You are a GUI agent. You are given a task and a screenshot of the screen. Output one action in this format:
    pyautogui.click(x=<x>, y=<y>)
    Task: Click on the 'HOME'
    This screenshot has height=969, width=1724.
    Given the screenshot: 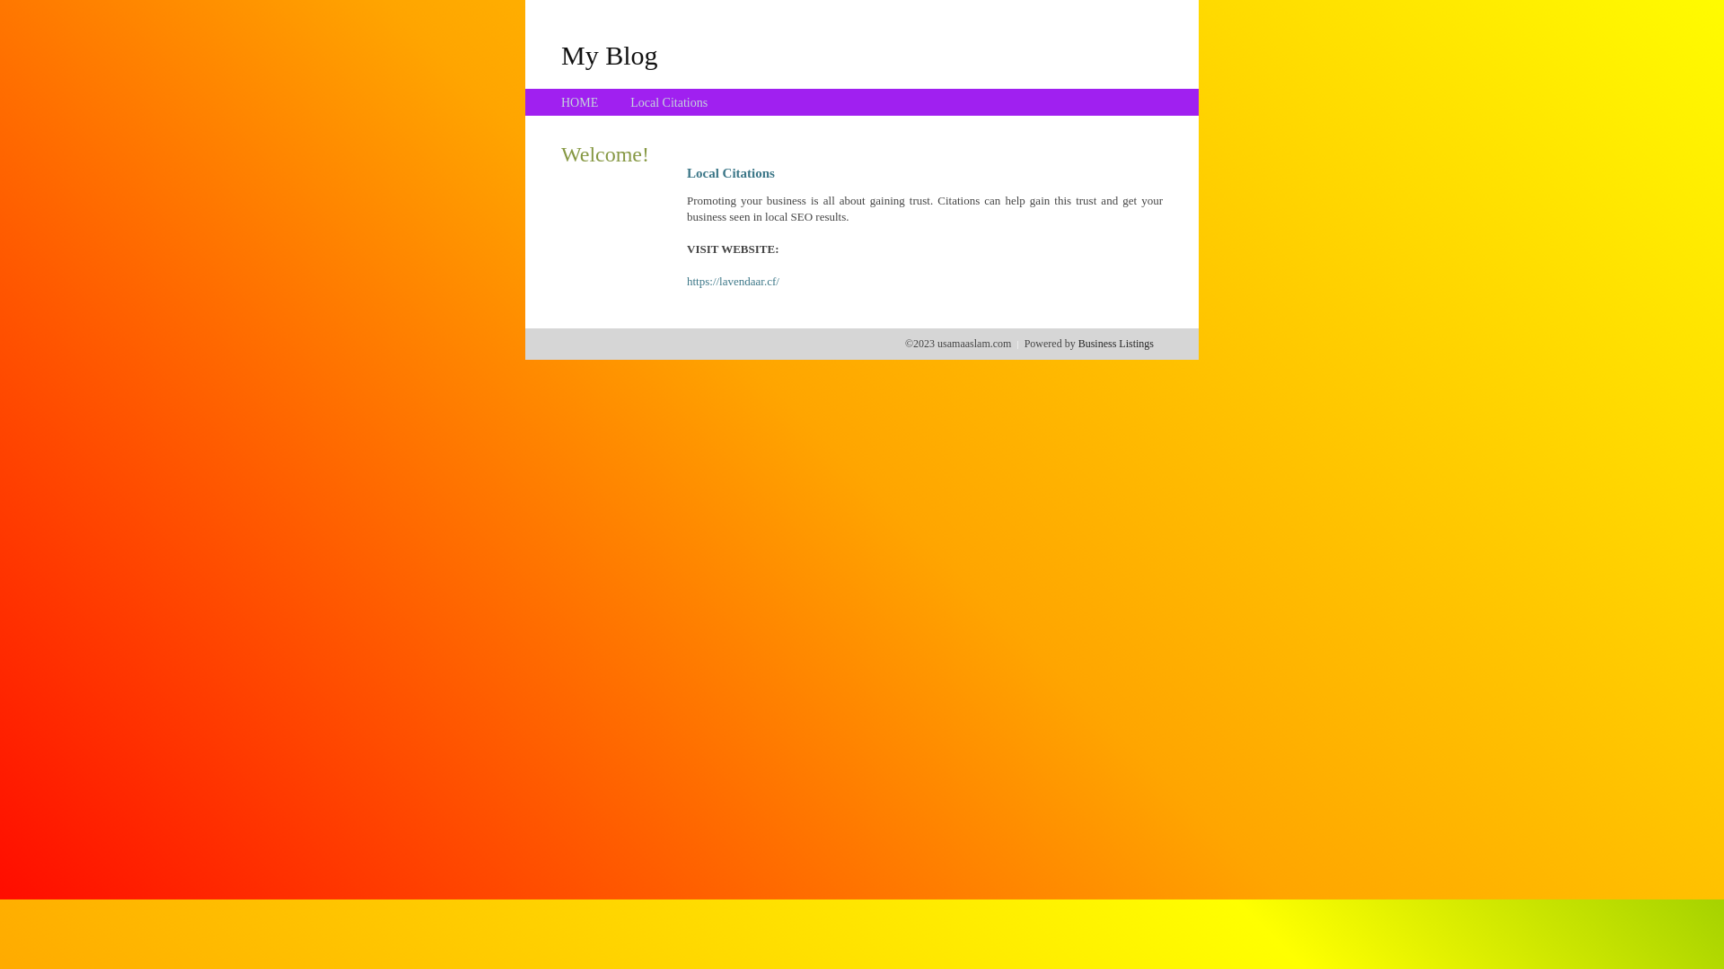 What is the action you would take?
    pyautogui.click(x=579, y=102)
    